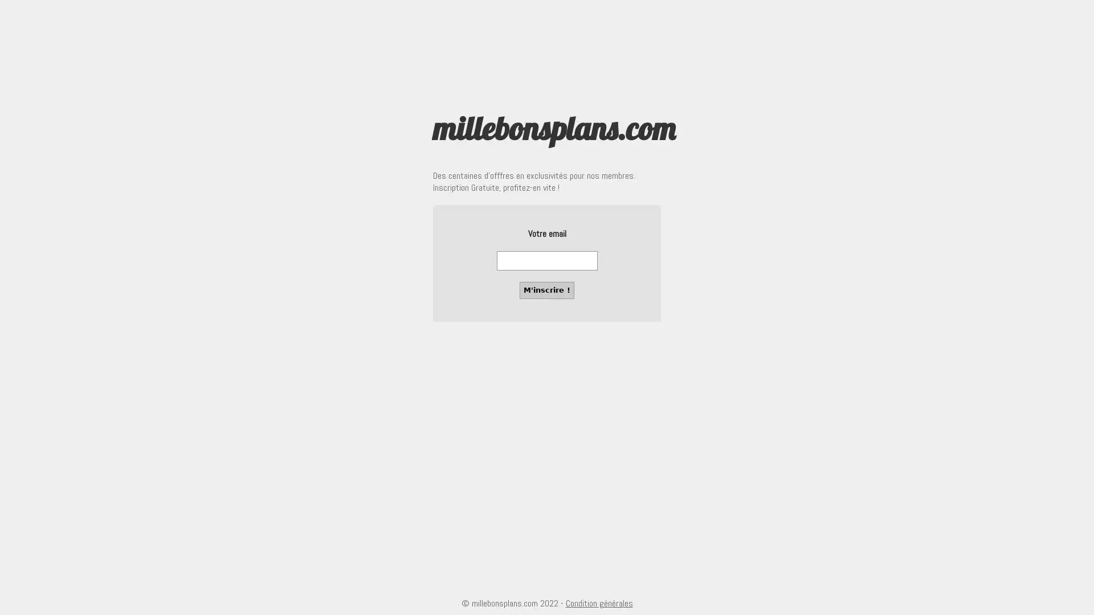 This screenshot has width=1094, height=615. What do you see at coordinates (547, 289) in the screenshot?
I see `M'inscrire !` at bounding box center [547, 289].